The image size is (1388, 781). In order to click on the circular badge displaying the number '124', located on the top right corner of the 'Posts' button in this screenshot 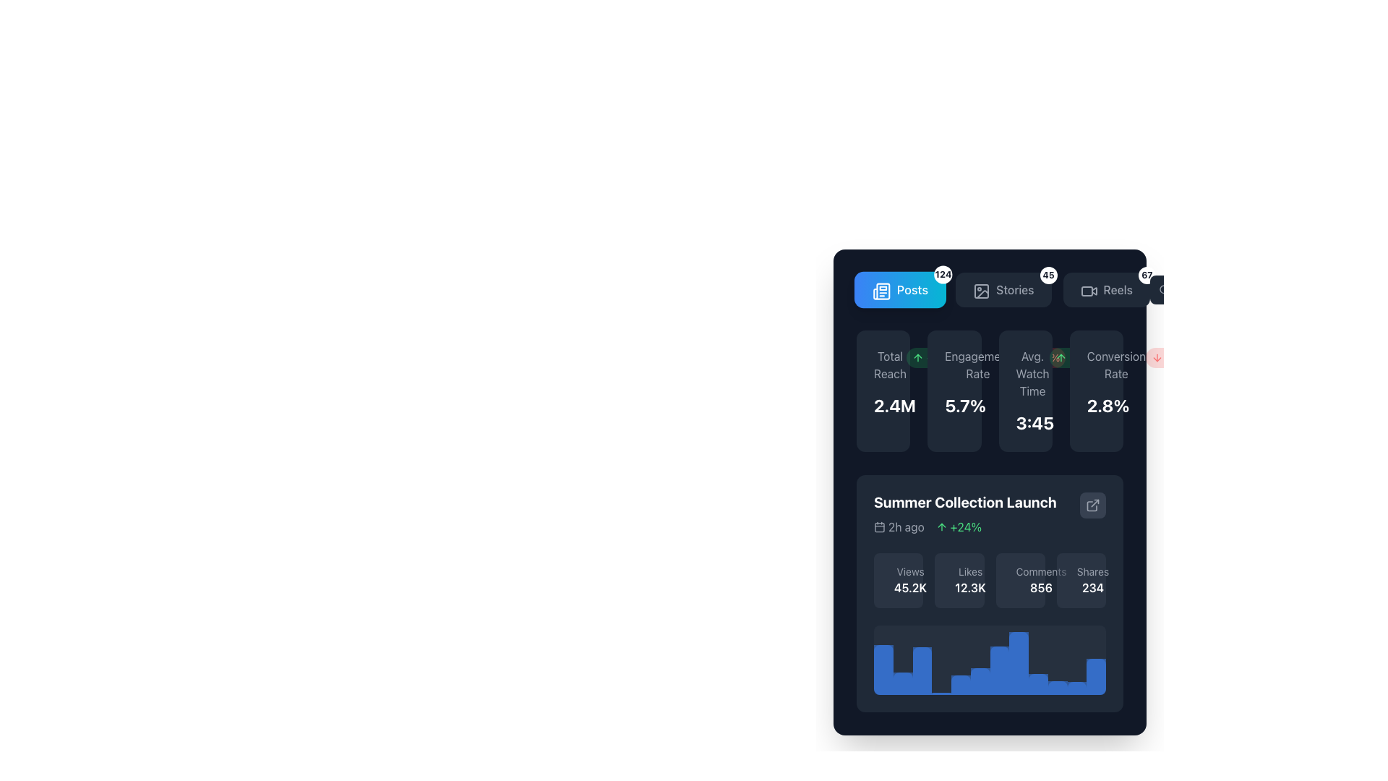, I will do `click(943, 275)`.